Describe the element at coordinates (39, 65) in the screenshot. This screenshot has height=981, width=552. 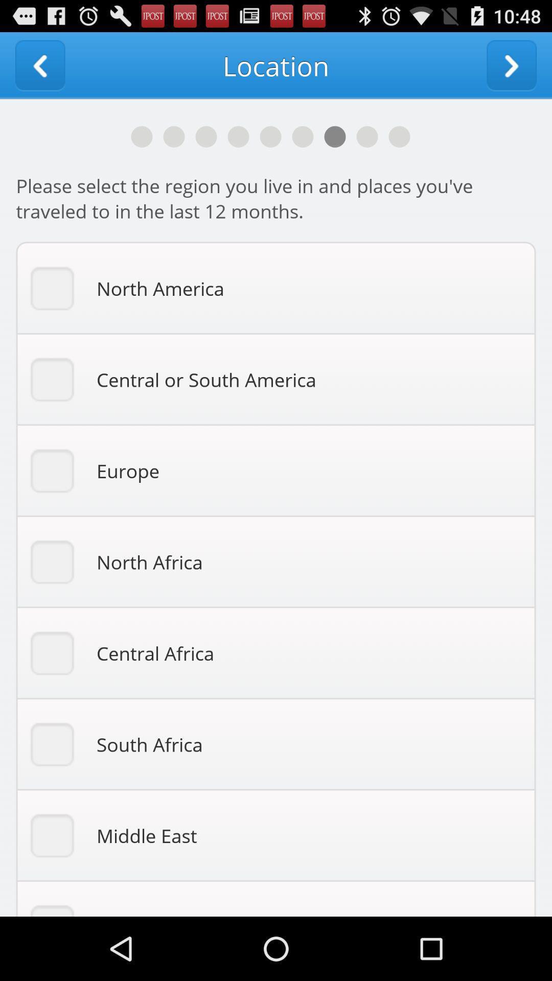
I see `go back` at that location.